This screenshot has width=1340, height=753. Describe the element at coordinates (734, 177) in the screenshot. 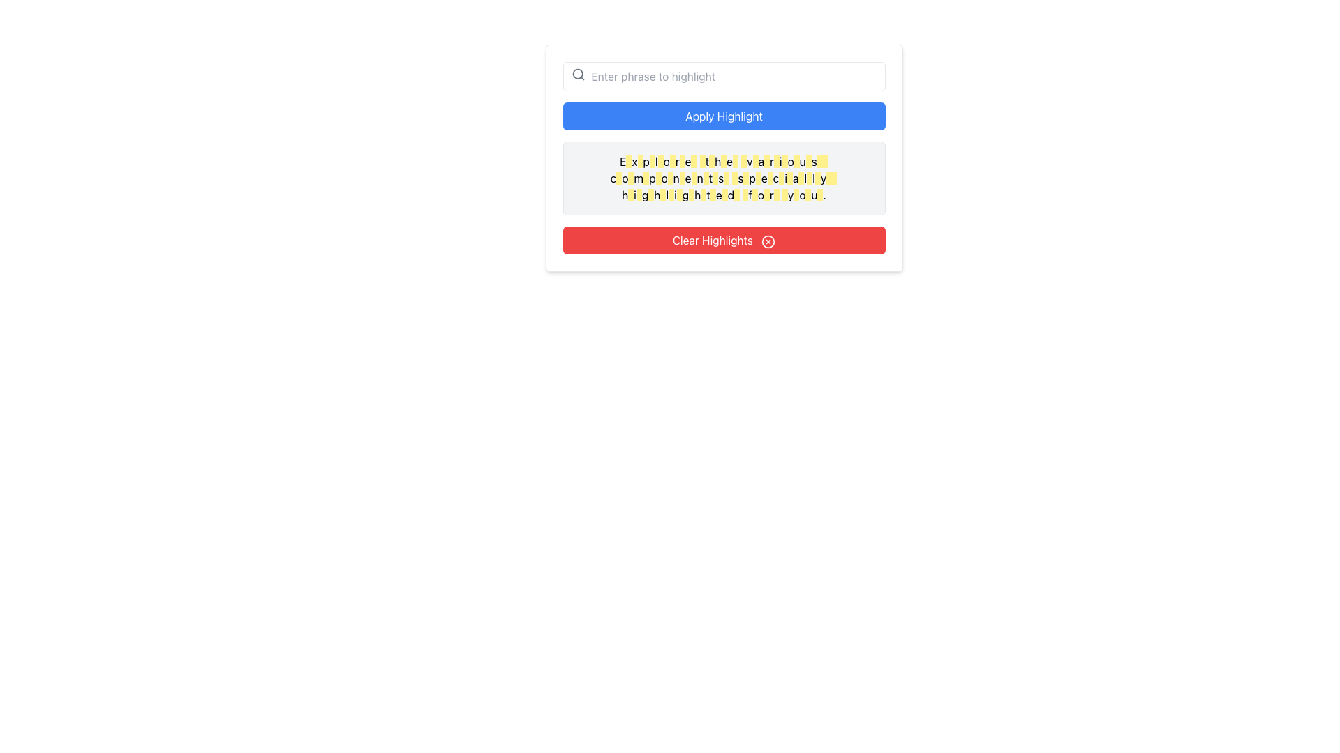

I see `the Highlight marker, a small square with a yellow background and border, located in the second row and the 12th position within the grid under the 'Explore the various components specially highlighted for you.' text for inspection` at that location.